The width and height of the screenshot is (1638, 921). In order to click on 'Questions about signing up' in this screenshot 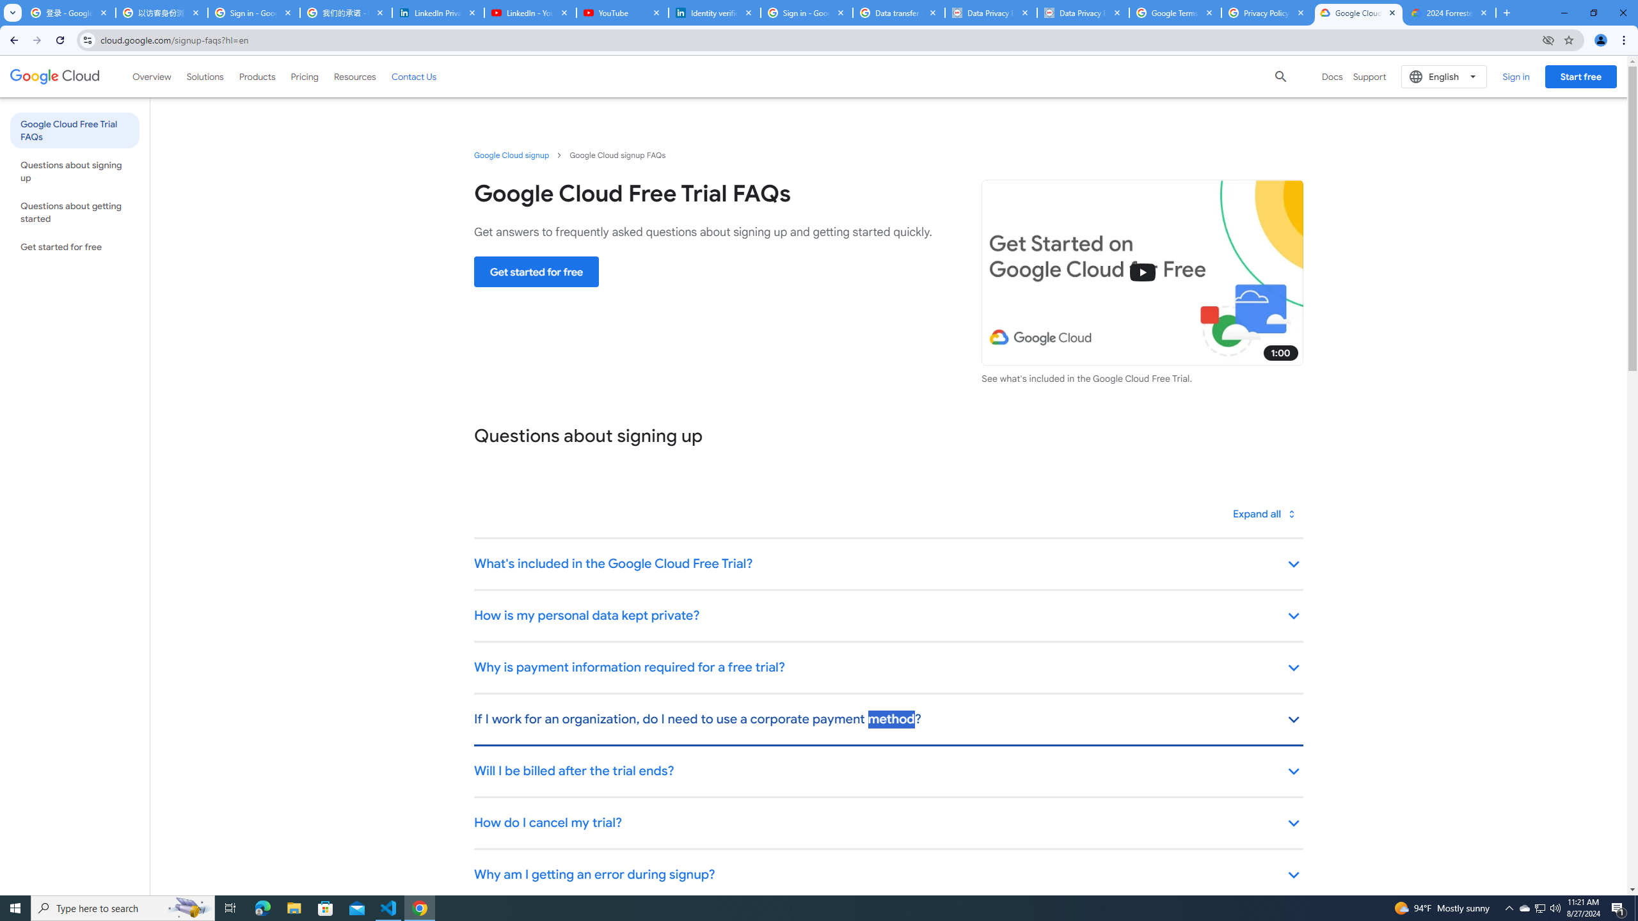, I will do `click(74, 171)`.